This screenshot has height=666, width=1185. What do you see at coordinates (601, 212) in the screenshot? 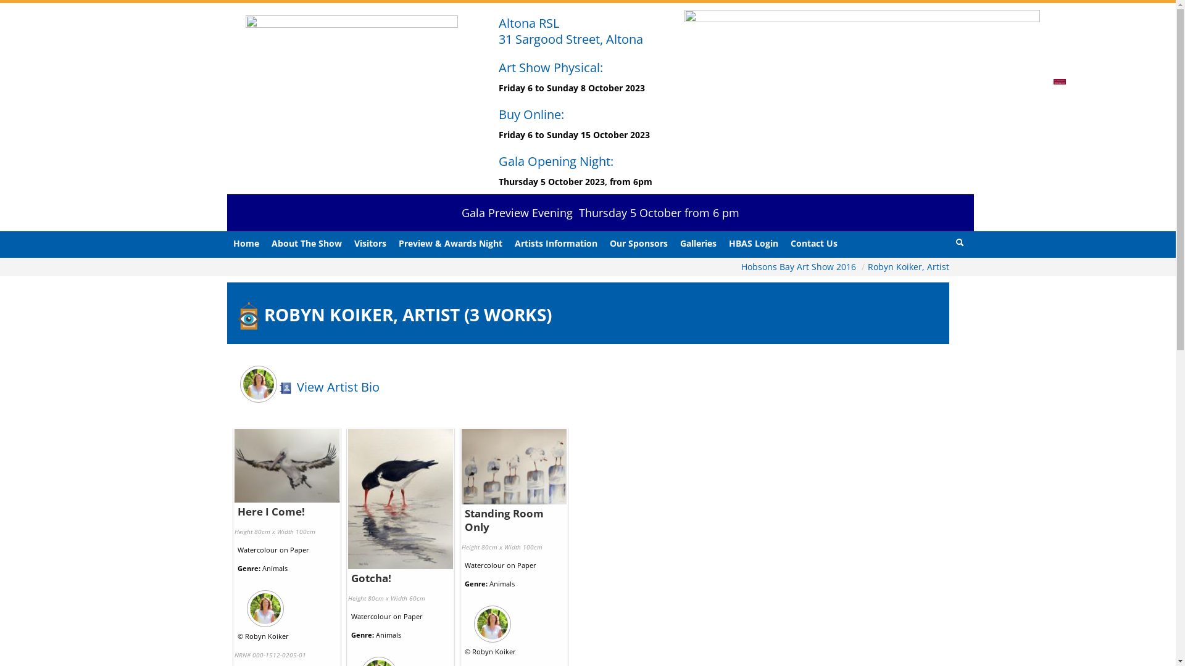
I see `'Gala Preview Evening  Thursday 5 October from 6 pm'` at bounding box center [601, 212].